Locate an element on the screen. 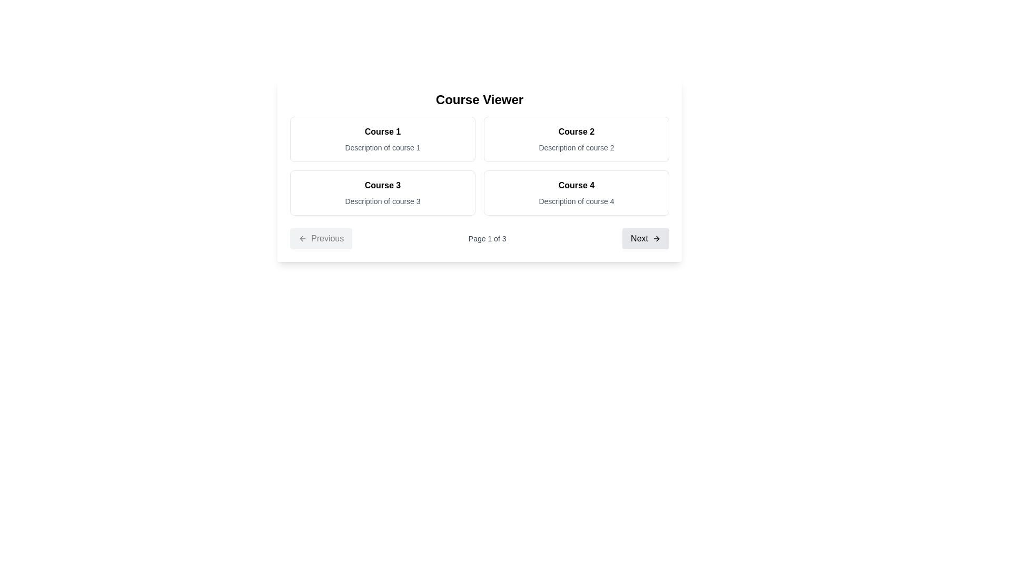  the text label displaying 'Page 1 of 3' that is centrally positioned within the pagination control, located between the 'Previous' and 'Next' buttons is located at coordinates (487, 239).